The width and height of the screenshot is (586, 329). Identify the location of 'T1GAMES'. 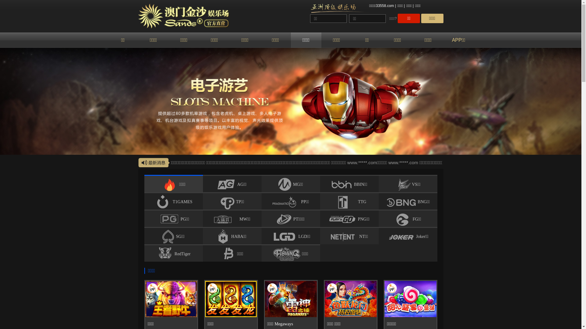
(173, 201).